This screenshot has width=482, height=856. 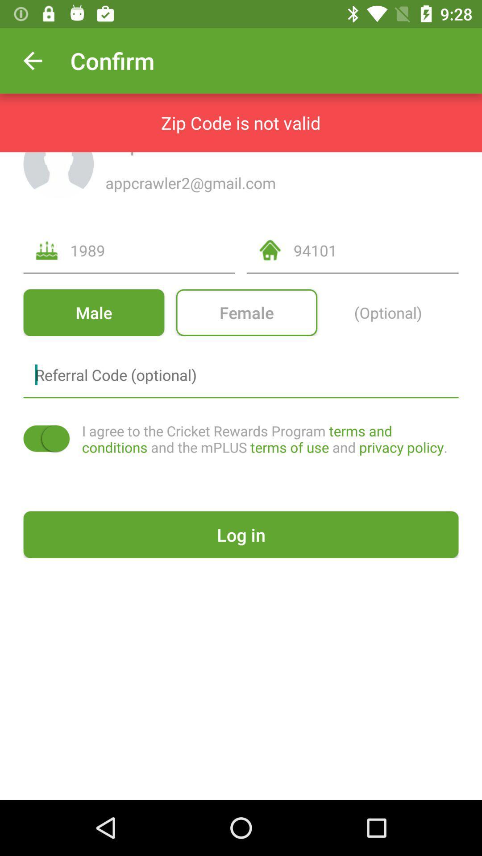 I want to click on icon above female, so click(x=376, y=250).